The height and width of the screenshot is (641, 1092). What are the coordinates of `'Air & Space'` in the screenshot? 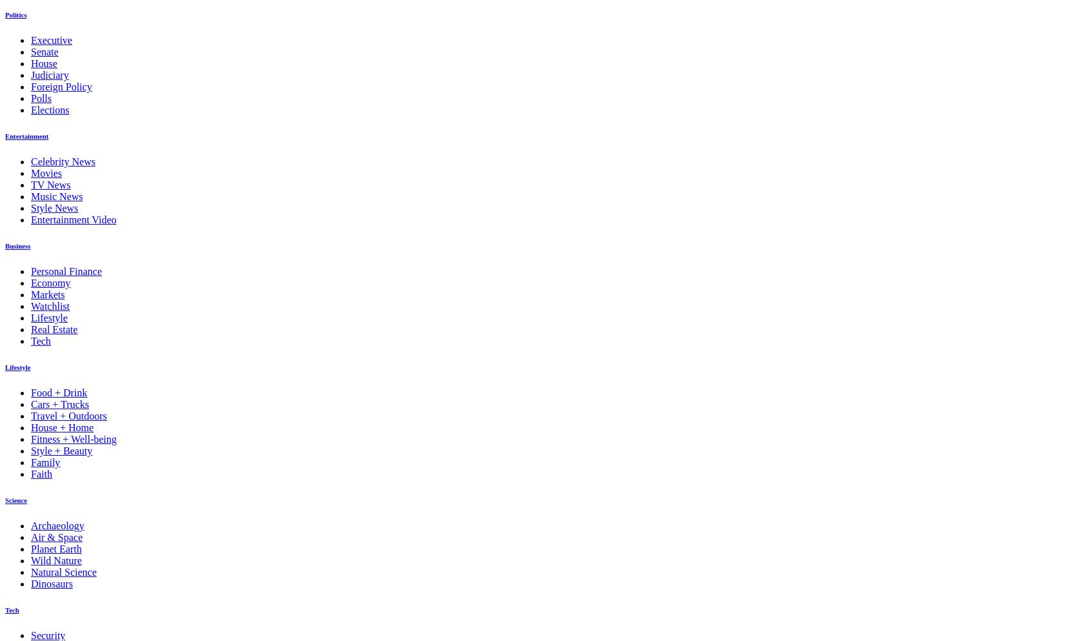 It's located at (56, 537).